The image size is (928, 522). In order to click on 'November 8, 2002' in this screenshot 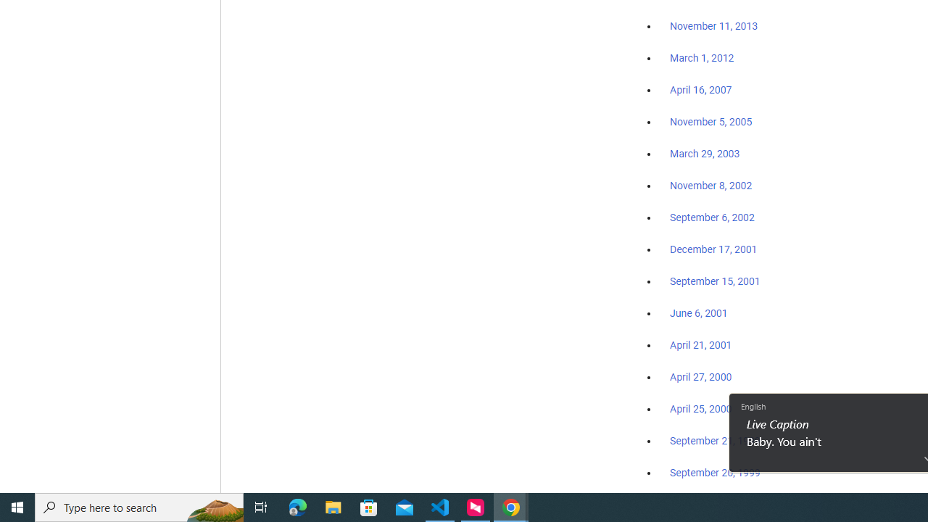, I will do `click(711, 185)`.